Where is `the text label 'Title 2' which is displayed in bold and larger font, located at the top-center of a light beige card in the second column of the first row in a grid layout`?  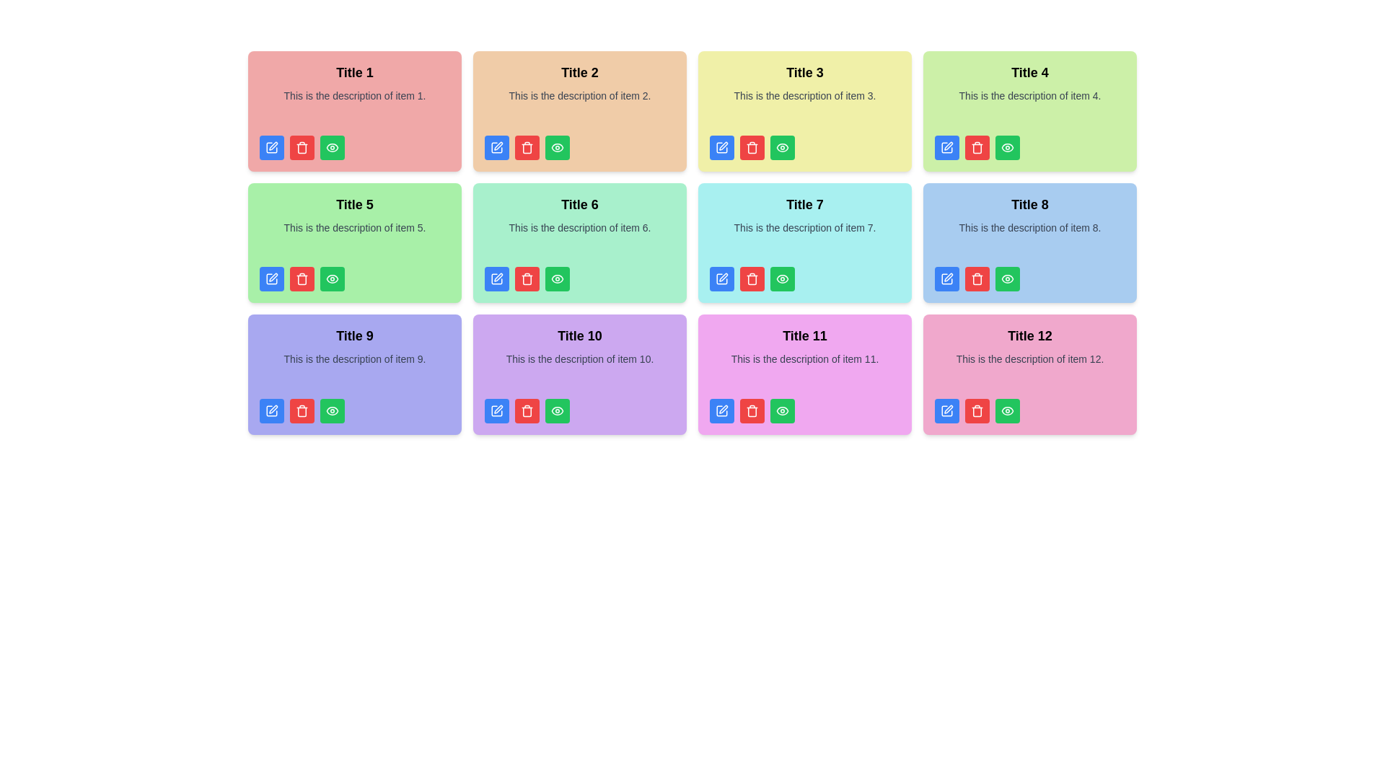
the text label 'Title 2' which is displayed in bold and larger font, located at the top-center of a light beige card in the second column of the first row in a grid layout is located at coordinates (580, 72).